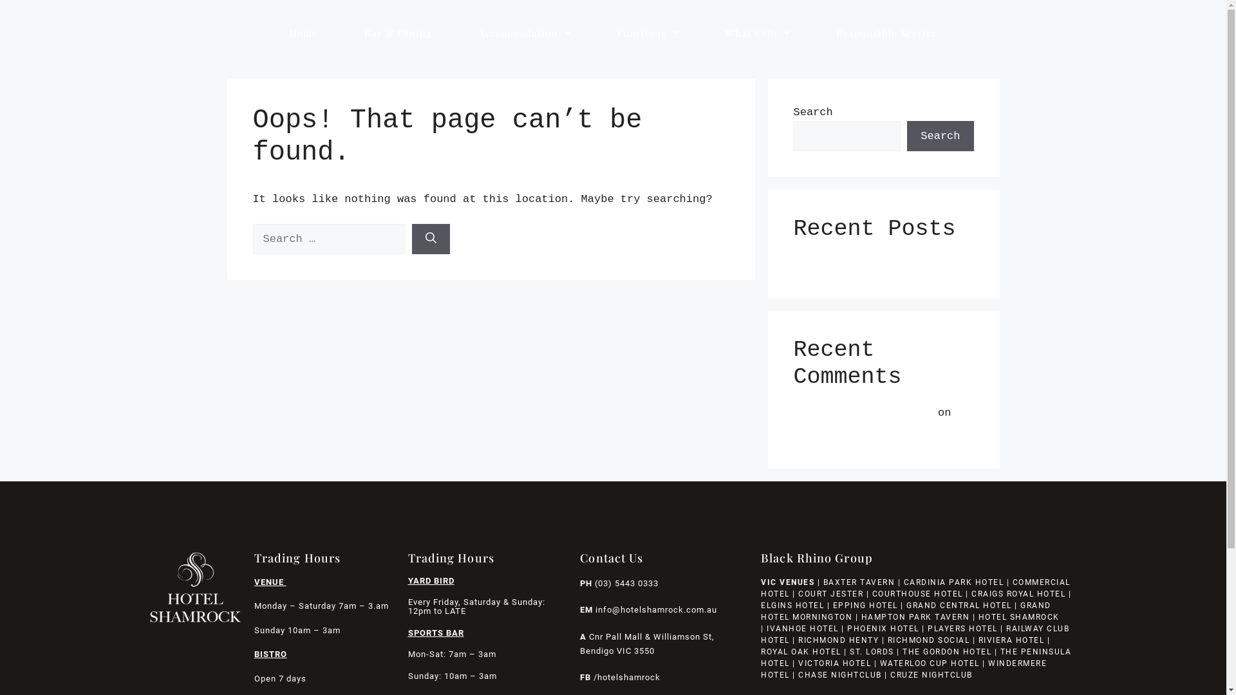 Image resolution: width=1236 pixels, height=695 pixels. Describe the element at coordinates (859, 582) in the screenshot. I see `'BAXTER TAVERN'` at that location.